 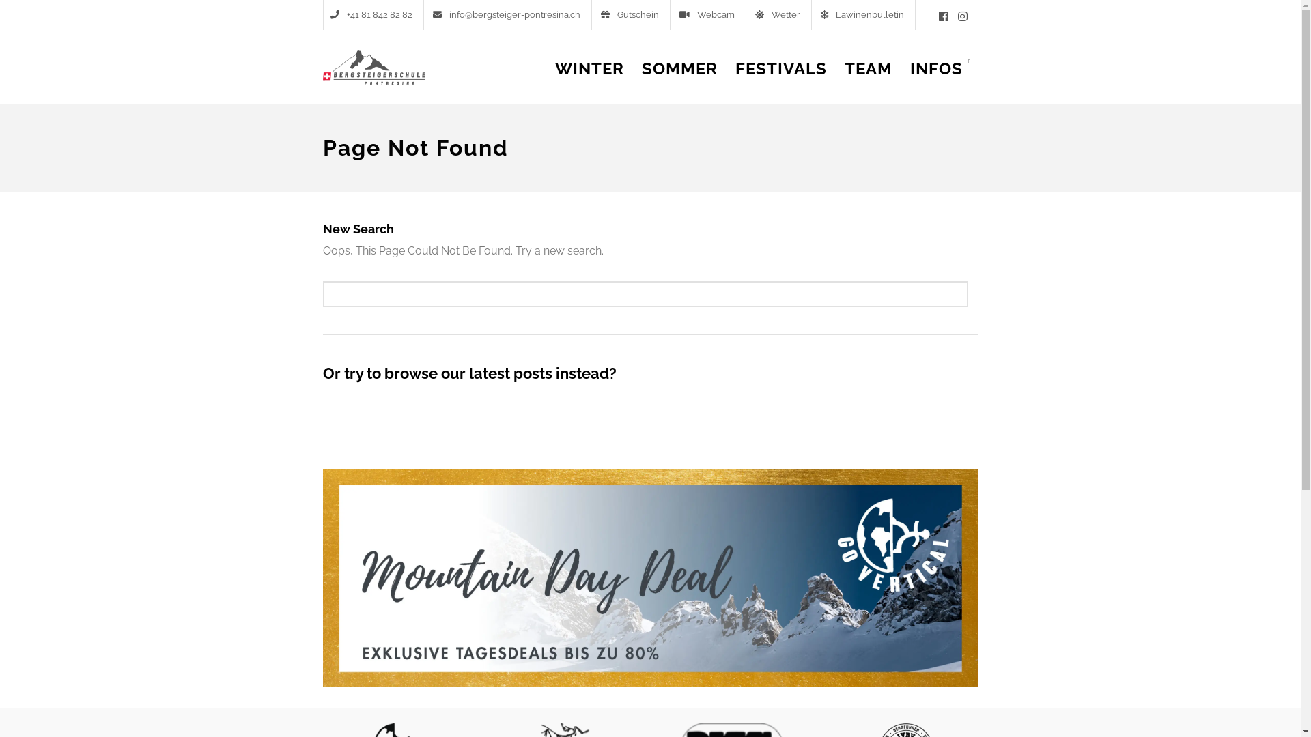 What do you see at coordinates (864, 14) in the screenshot?
I see `'Lawinenbulletin'` at bounding box center [864, 14].